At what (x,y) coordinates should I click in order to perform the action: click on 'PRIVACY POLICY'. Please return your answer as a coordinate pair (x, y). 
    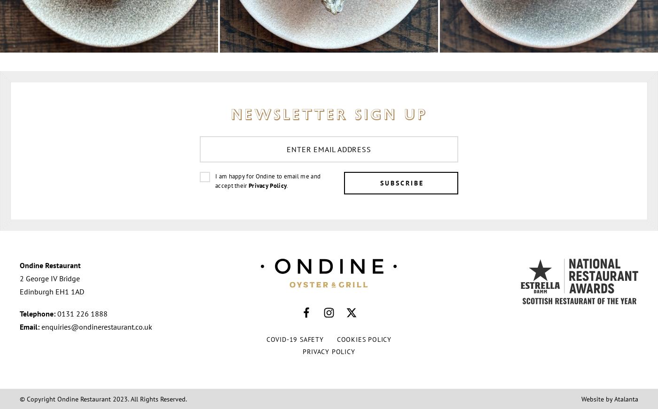
    Looking at the image, I should click on (329, 351).